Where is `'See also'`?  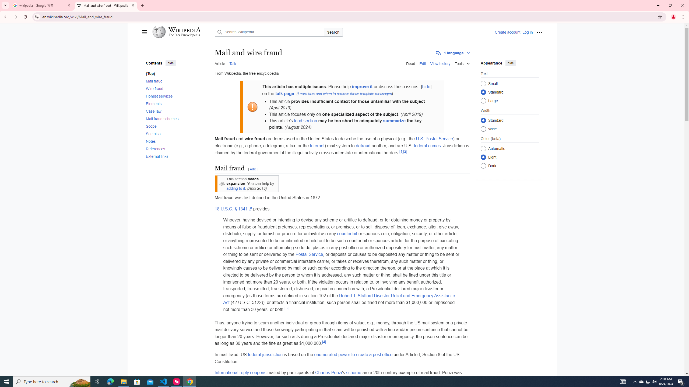
'See also' is located at coordinates (174, 134).